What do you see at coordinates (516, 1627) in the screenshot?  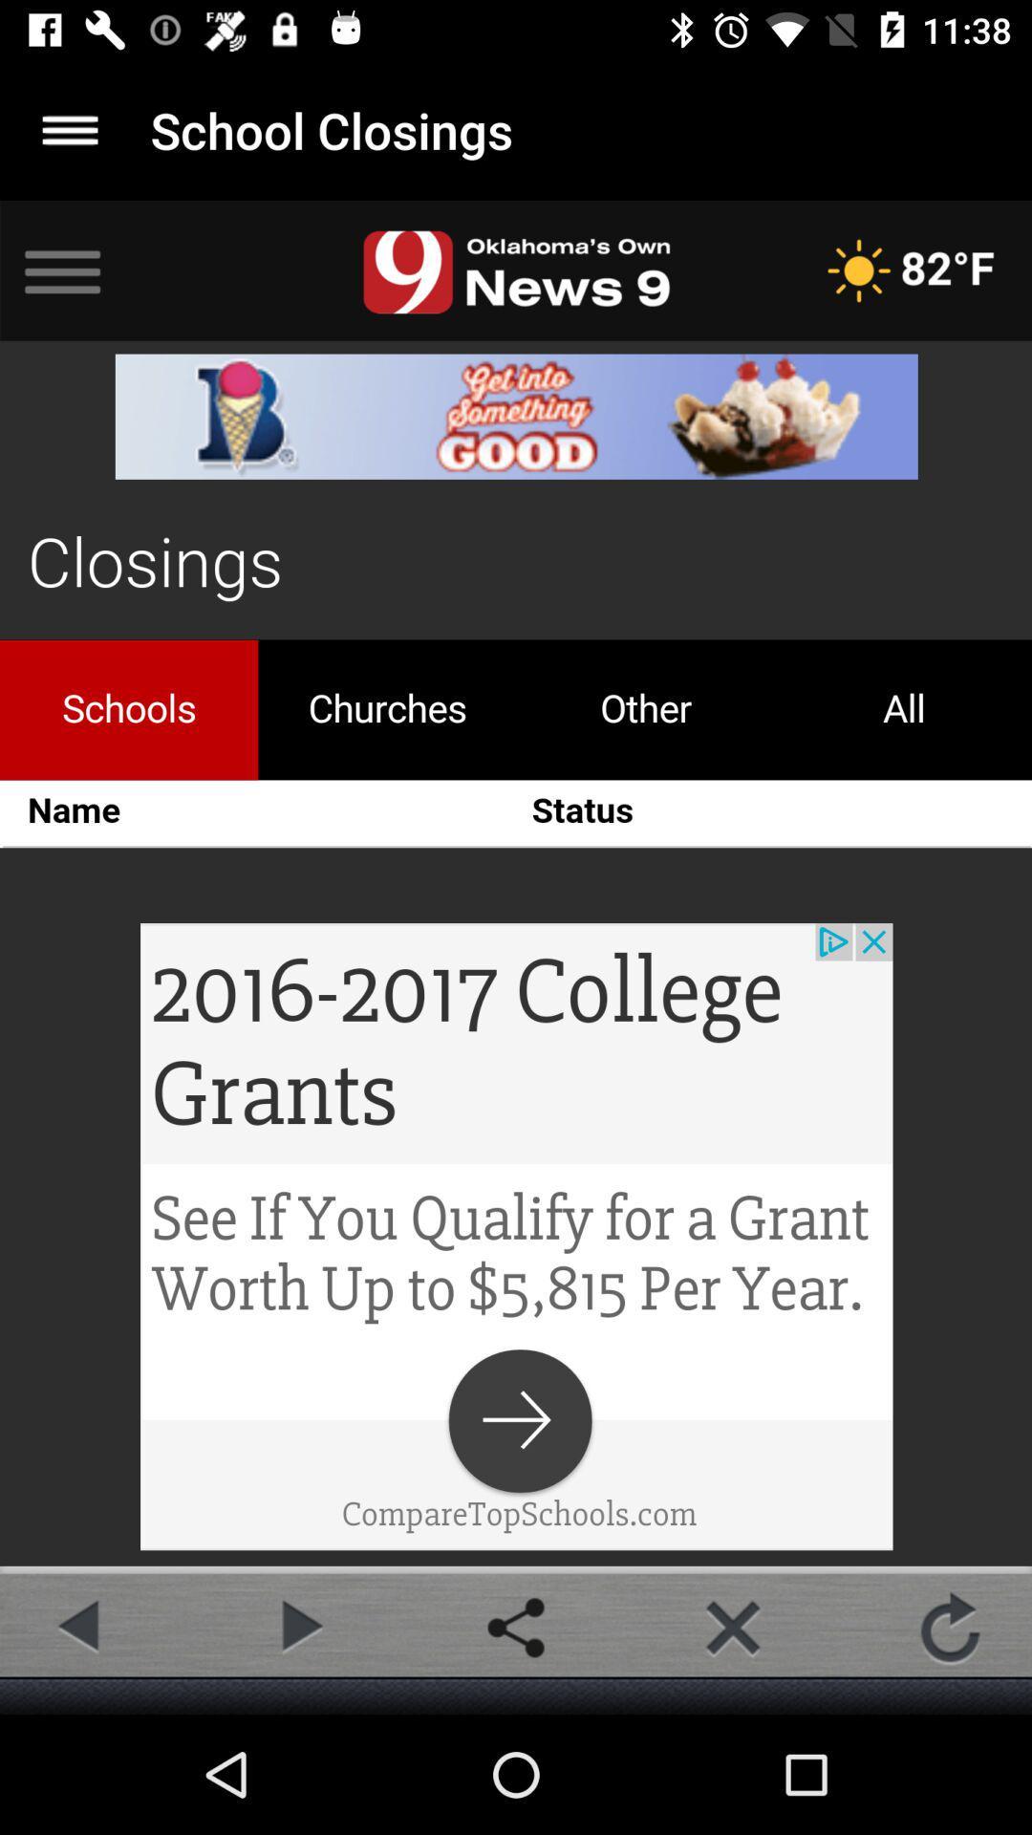 I see `share school closings` at bounding box center [516, 1627].